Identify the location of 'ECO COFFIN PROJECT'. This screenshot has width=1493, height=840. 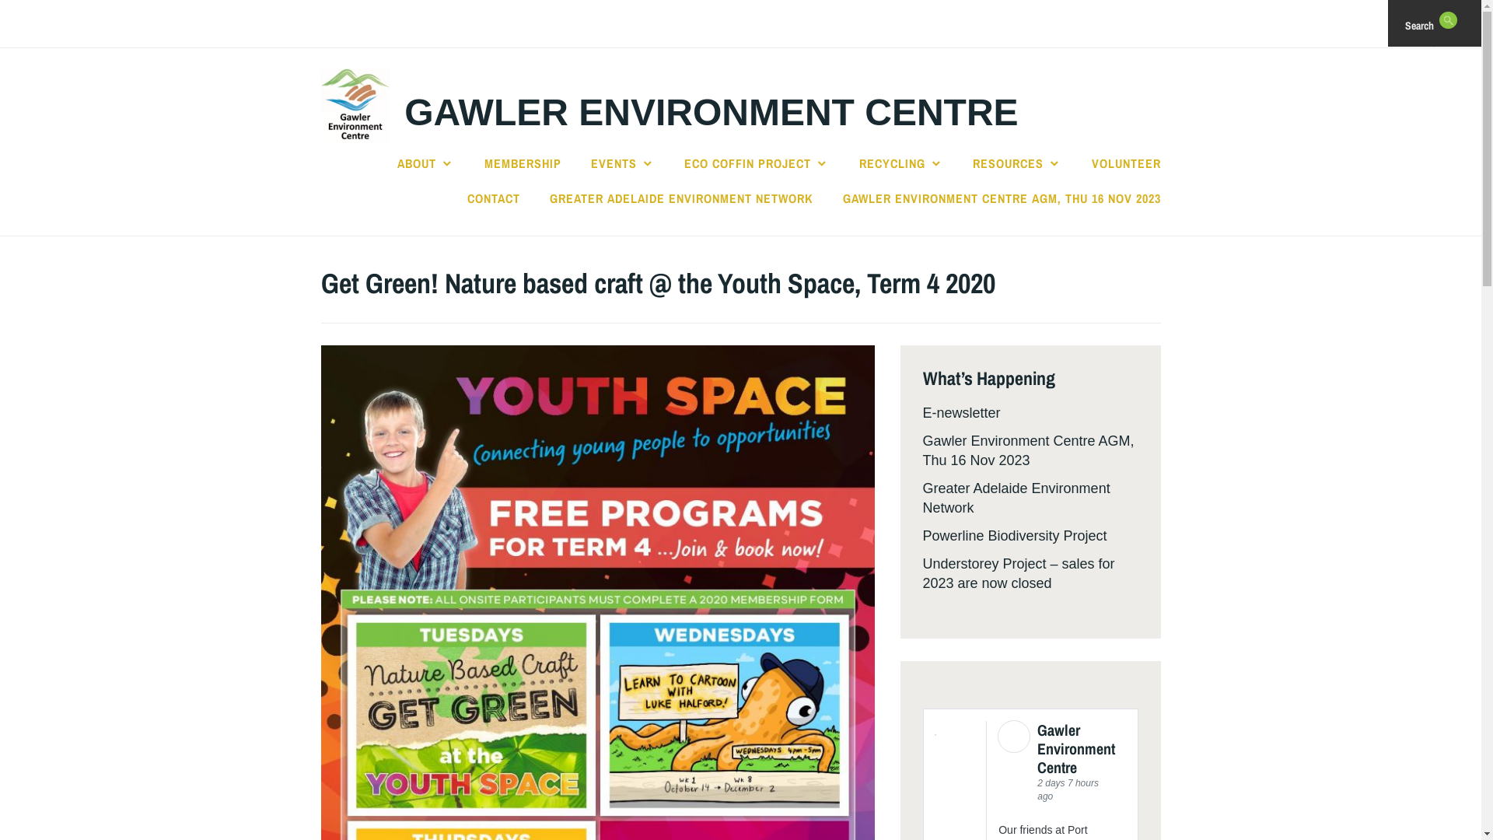
(684, 163).